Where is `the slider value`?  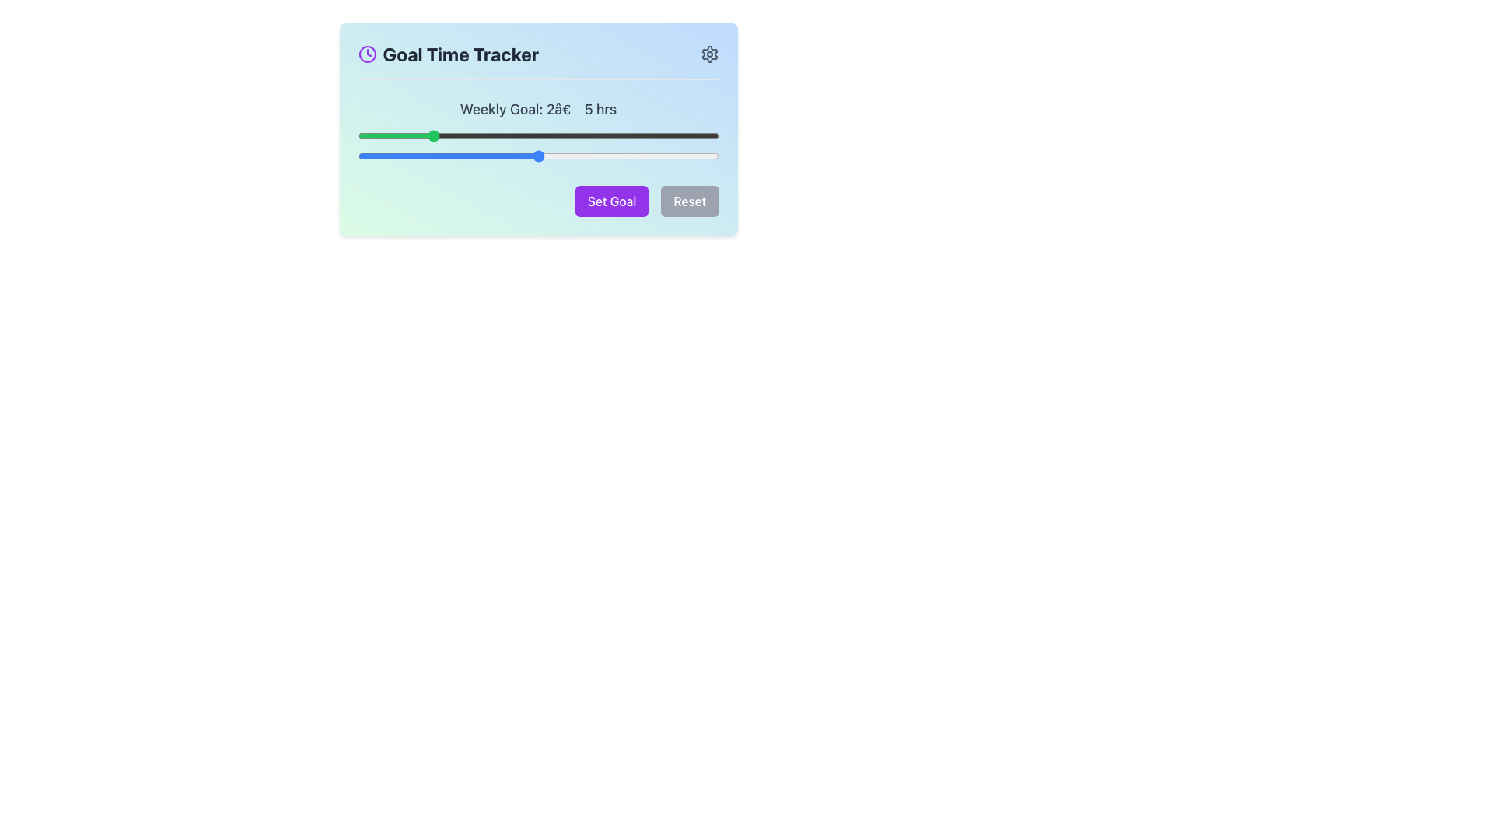
the slider value is located at coordinates (538, 156).